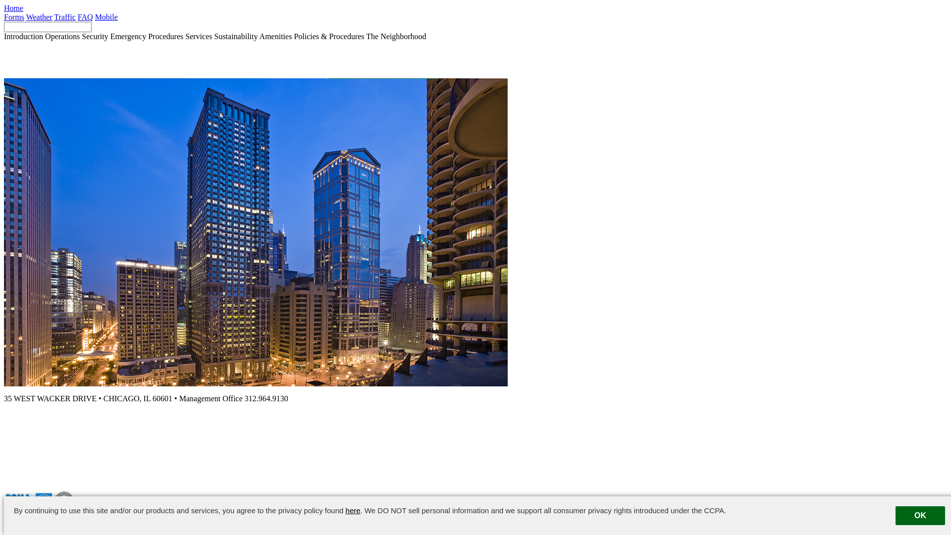 Image resolution: width=951 pixels, height=535 pixels. Describe the element at coordinates (53, 17) in the screenshot. I see `'Traffic'` at that location.